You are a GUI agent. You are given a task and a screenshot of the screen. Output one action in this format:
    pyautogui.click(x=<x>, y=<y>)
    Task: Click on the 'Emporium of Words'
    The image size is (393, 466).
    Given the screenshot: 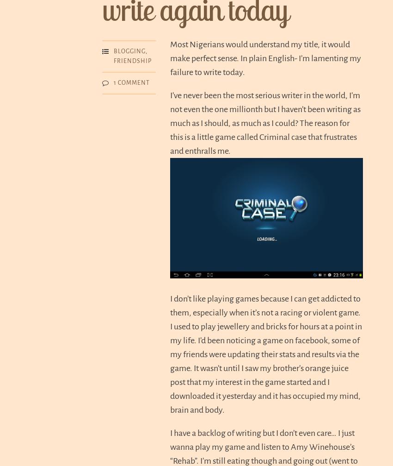 What is the action you would take?
    pyautogui.click(x=35, y=11)
    